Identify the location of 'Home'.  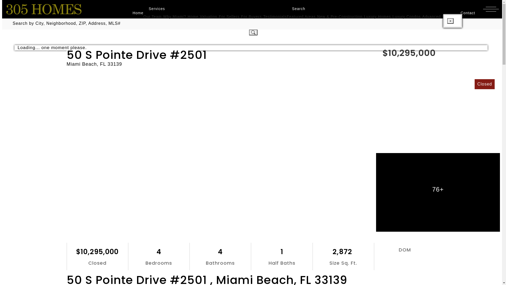
(135, 13).